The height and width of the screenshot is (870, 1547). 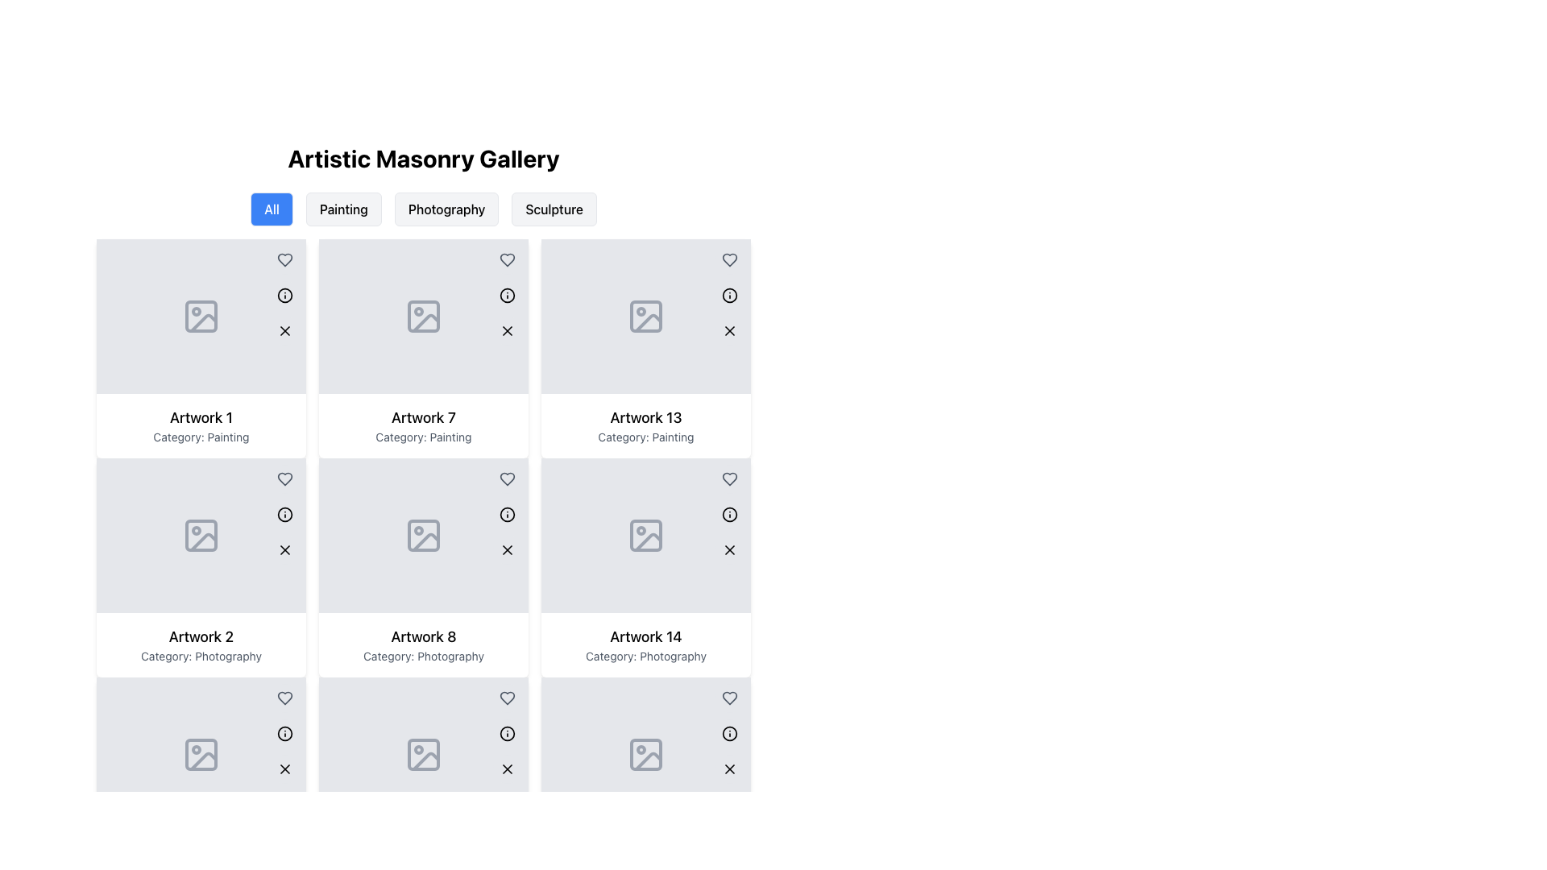 I want to click on the Image Placeholder for 'Artwork 8: Category Photography', so click(x=424, y=535).